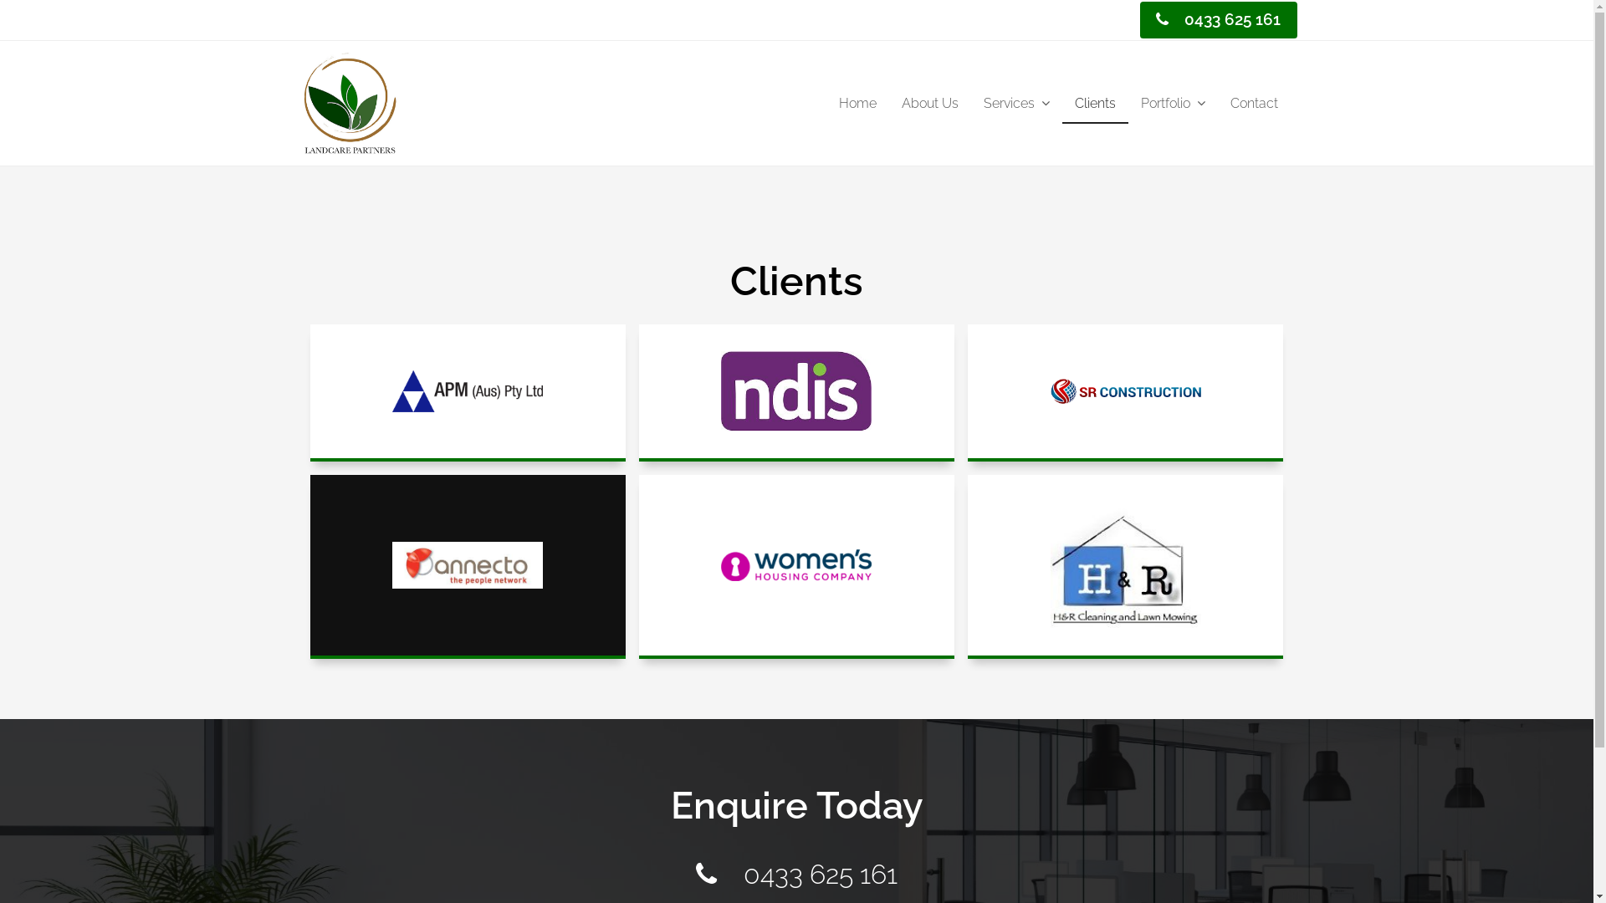 Image resolution: width=1606 pixels, height=903 pixels. Describe the element at coordinates (1171, 104) in the screenshot. I see `'Portfolio'` at that location.